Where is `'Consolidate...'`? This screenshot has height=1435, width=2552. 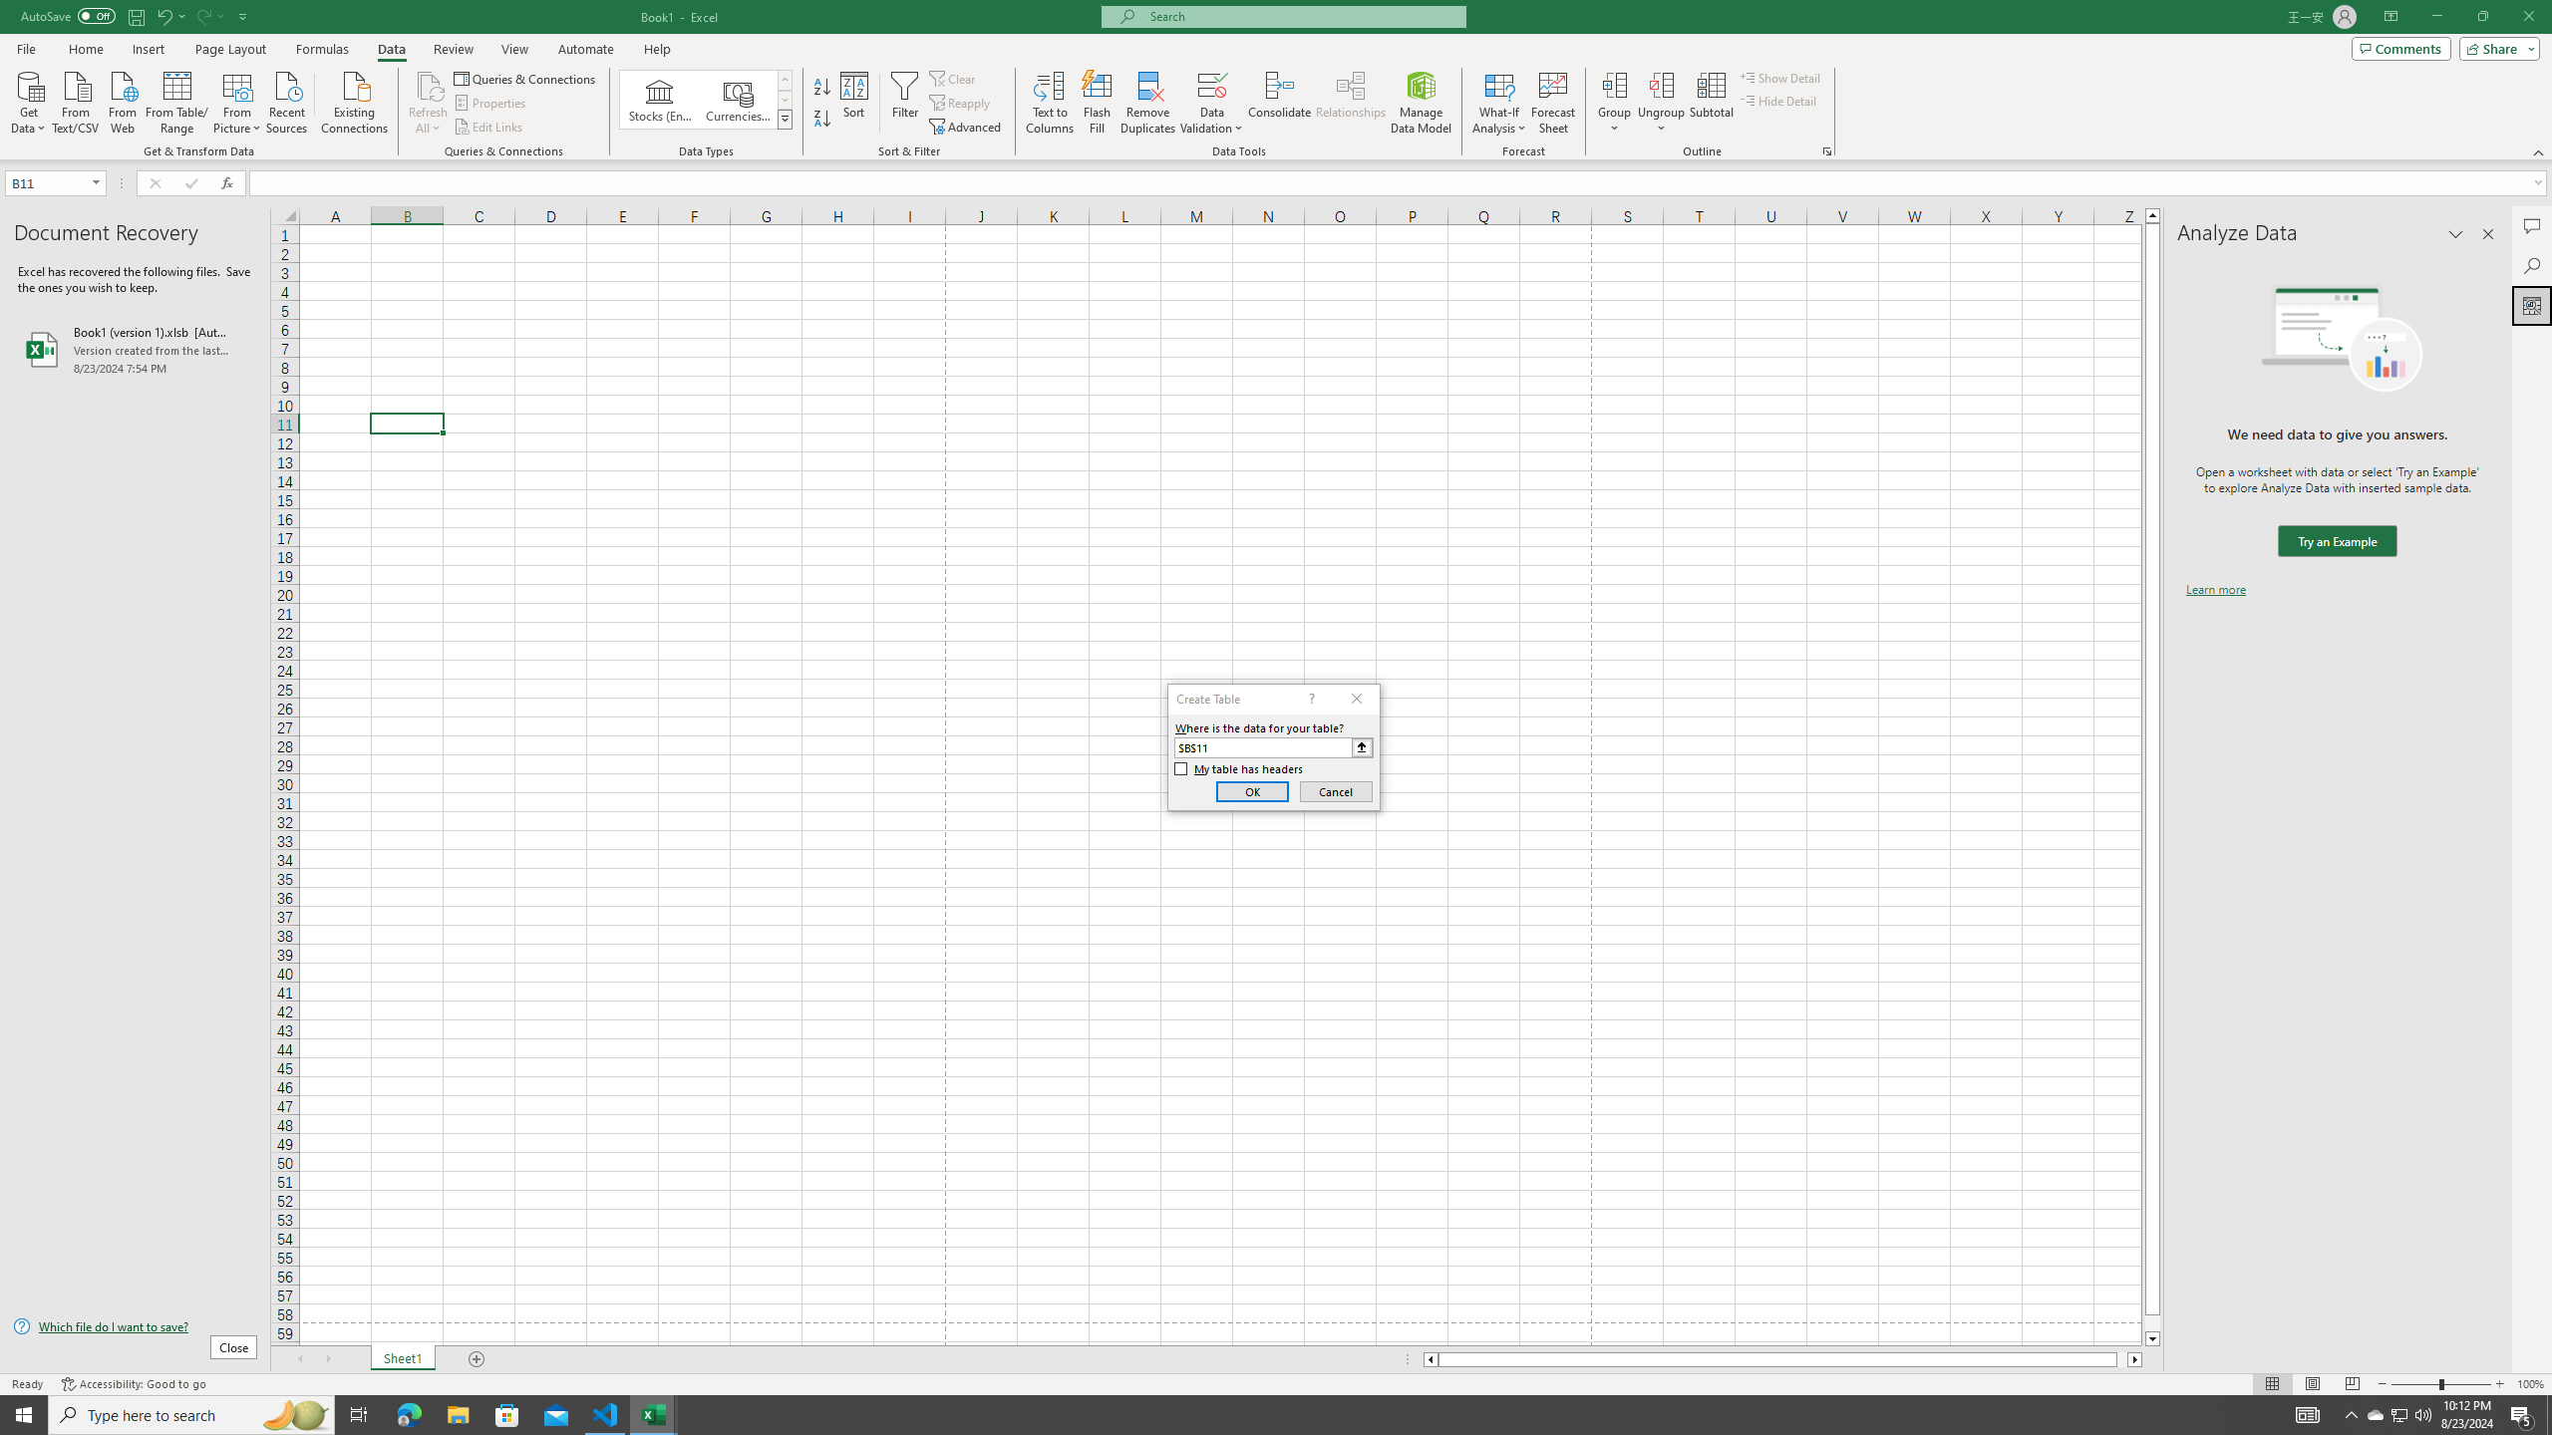 'Consolidate...' is located at coordinates (1279, 103).